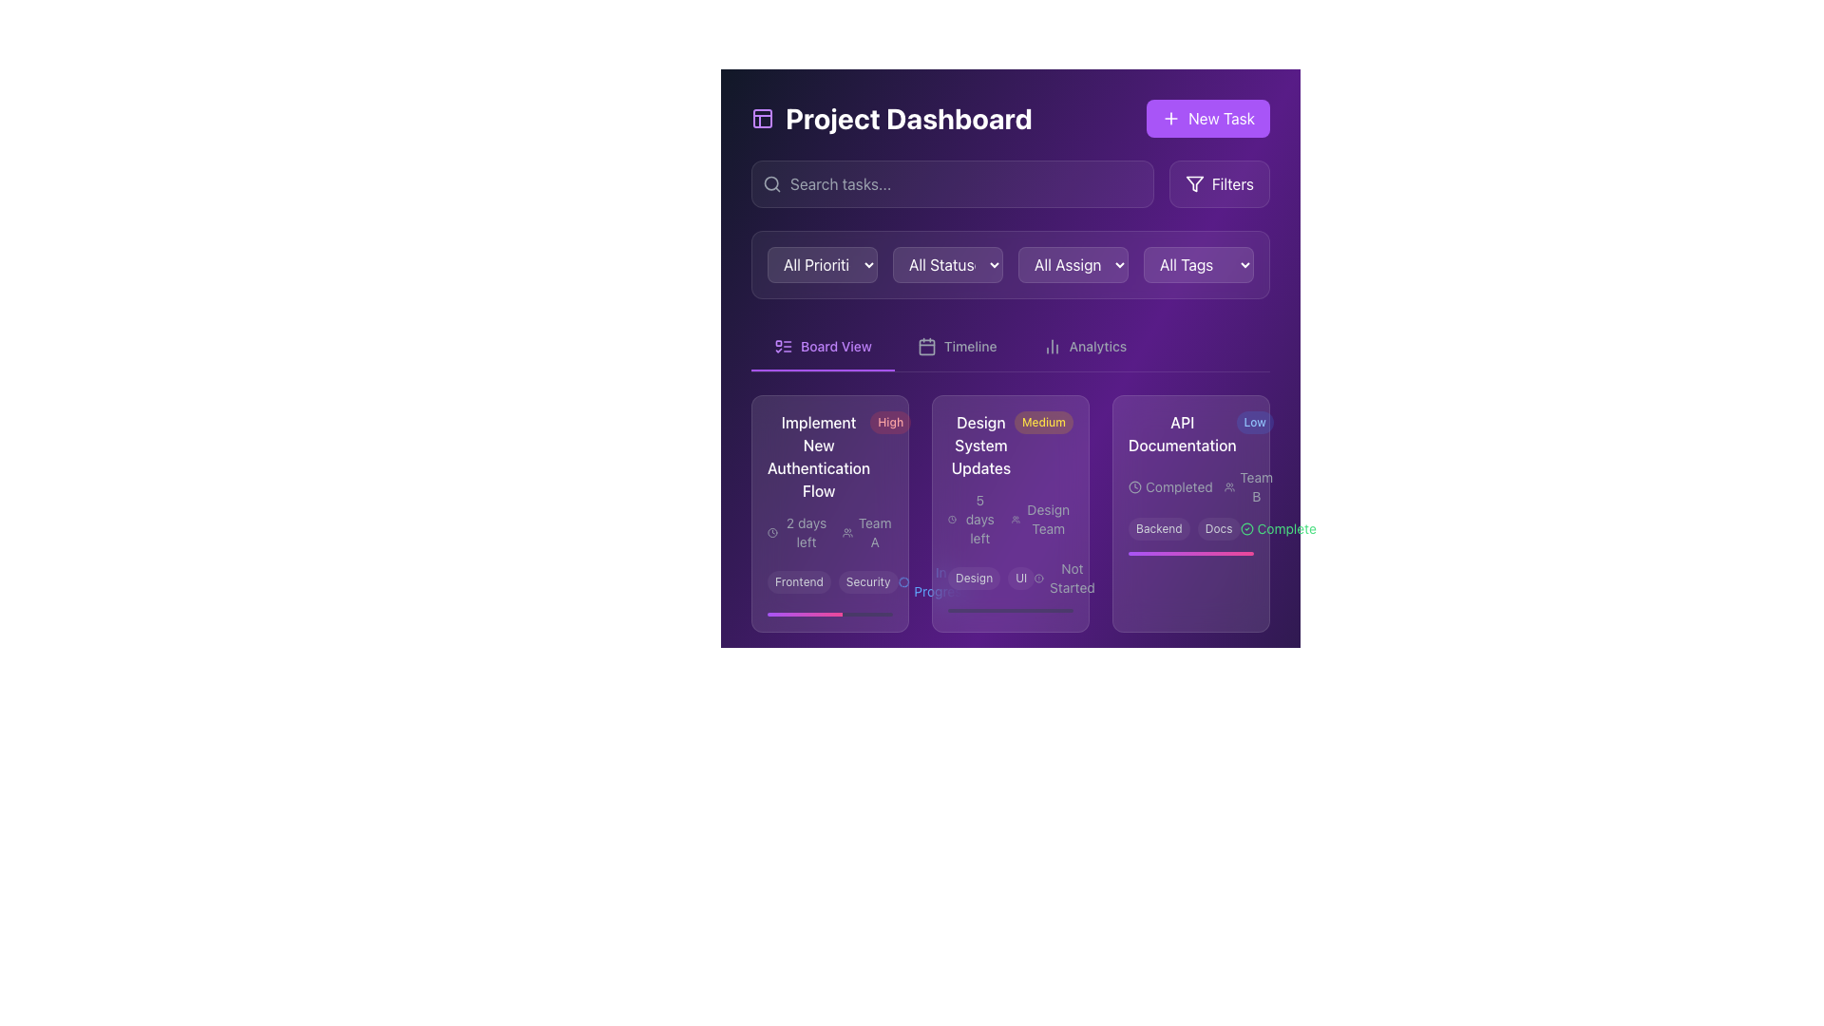 Image resolution: width=1824 pixels, height=1026 pixels. I want to click on the icon representing 'Team A' associated with the task 'Implement New Authentication Flow' located in the first card of the leftmost column of the dashboard, so click(846, 532).